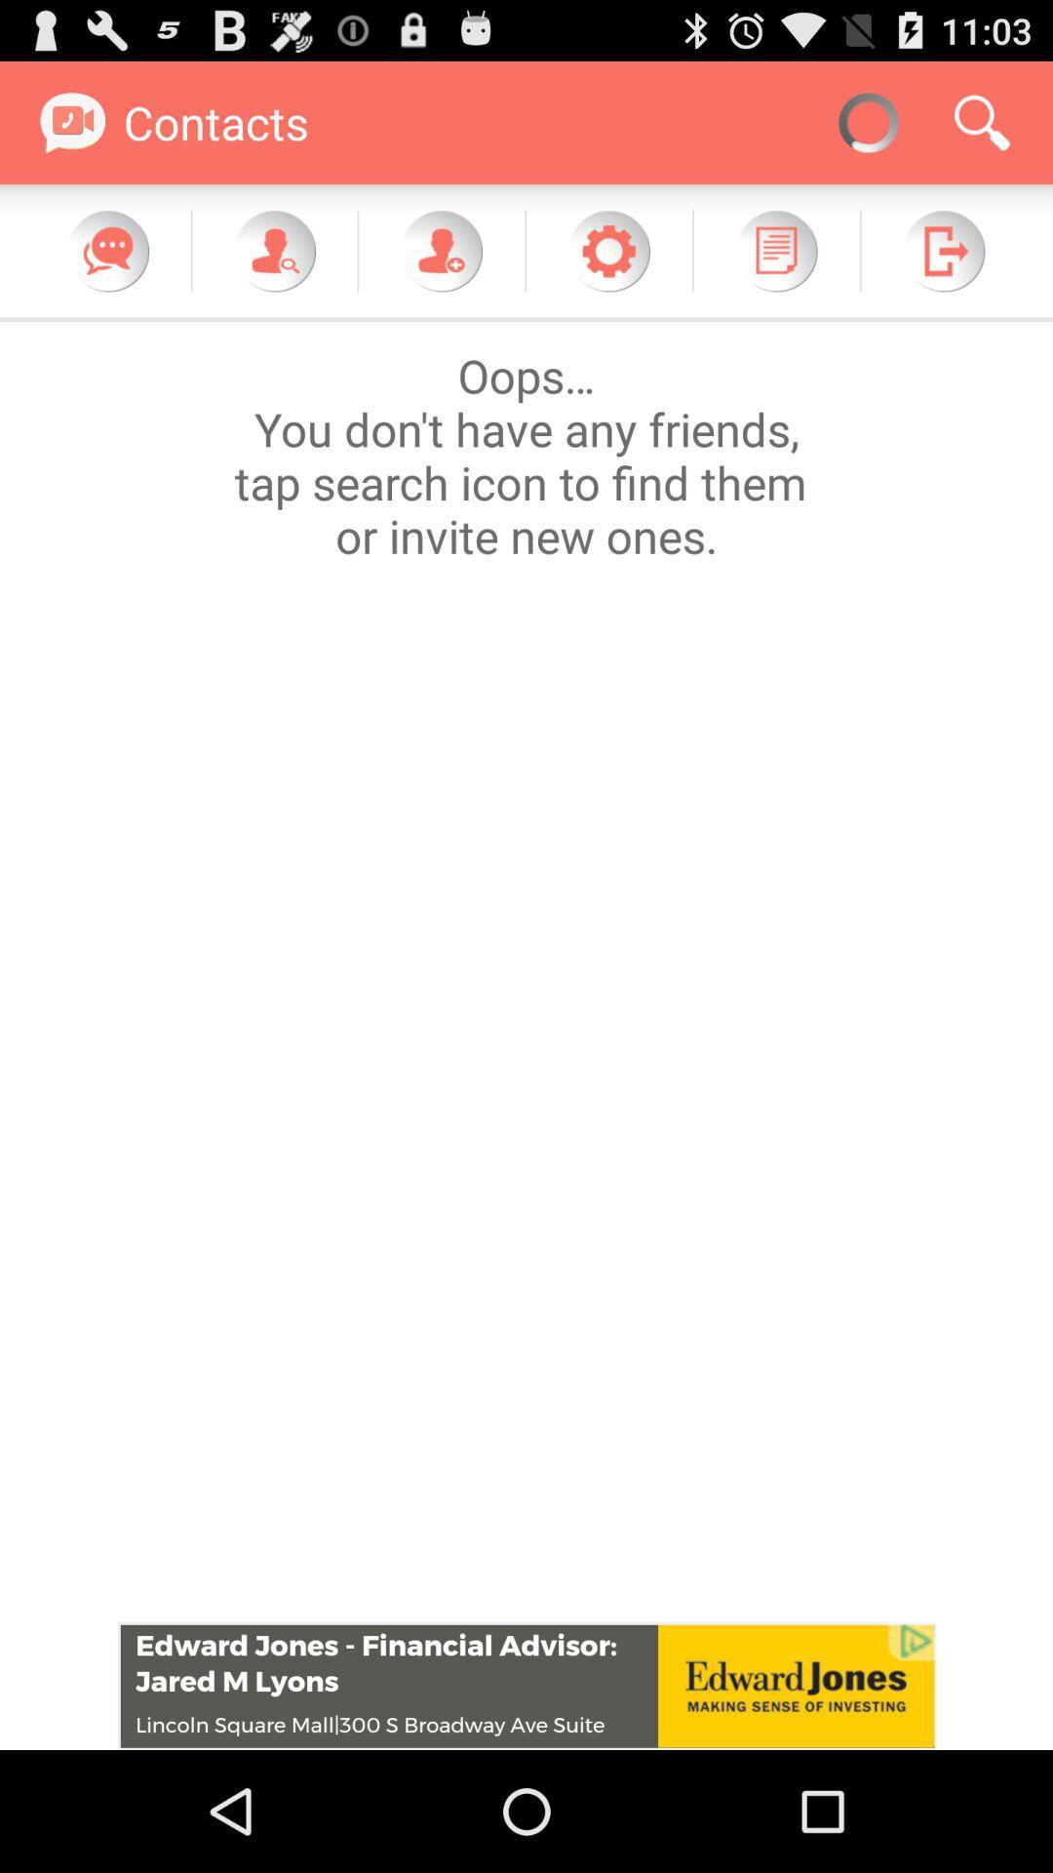 The width and height of the screenshot is (1053, 1873). What do you see at coordinates (775, 250) in the screenshot?
I see `open notes` at bounding box center [775, 250].